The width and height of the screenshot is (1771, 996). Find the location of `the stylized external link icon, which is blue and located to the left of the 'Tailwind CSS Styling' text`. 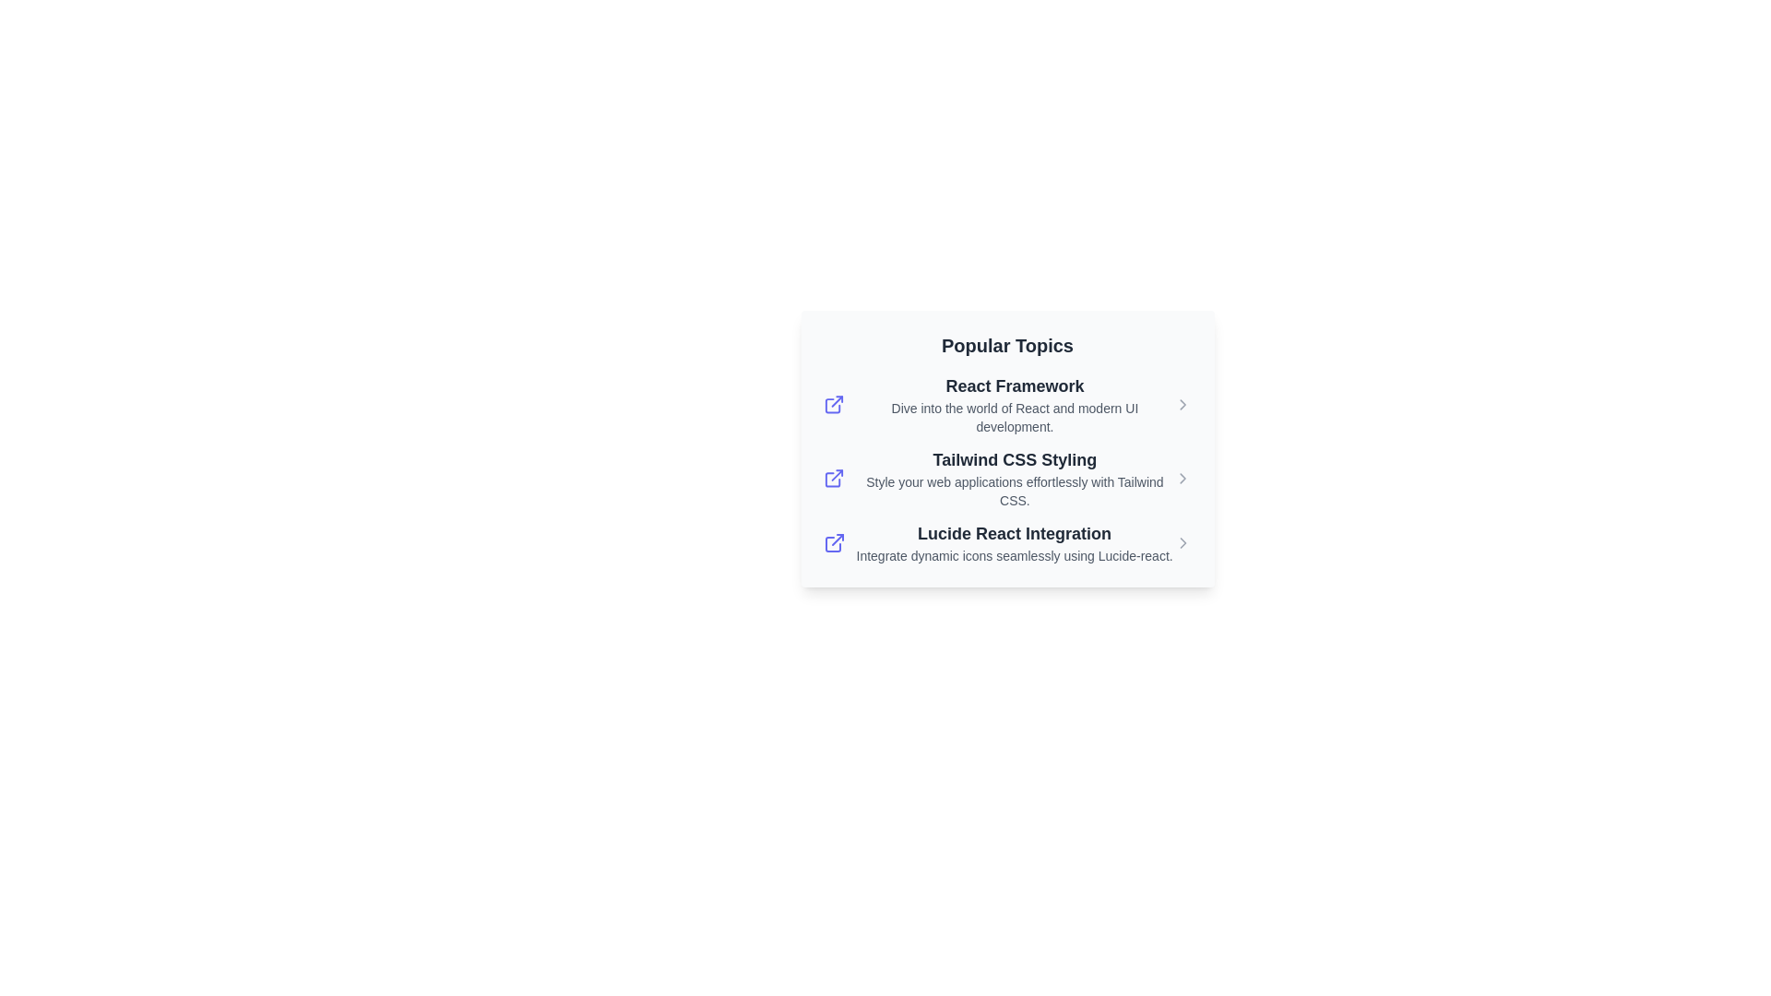

the stylized external link icon, which is blue and located to the left of the 'Tailwind CSS Styling' text is located at coordinates (833, 478).